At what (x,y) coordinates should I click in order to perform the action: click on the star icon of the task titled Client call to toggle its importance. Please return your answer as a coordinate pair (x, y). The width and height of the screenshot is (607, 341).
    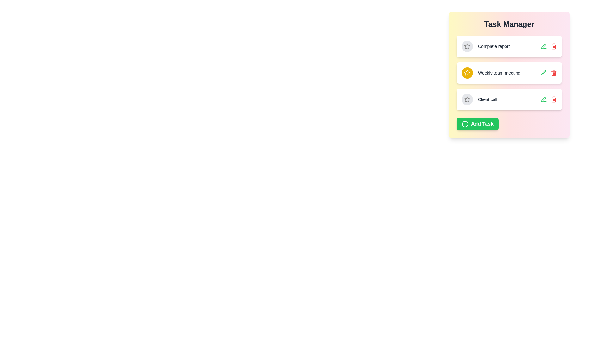
    Looking at the image, I should click on (467, 99).